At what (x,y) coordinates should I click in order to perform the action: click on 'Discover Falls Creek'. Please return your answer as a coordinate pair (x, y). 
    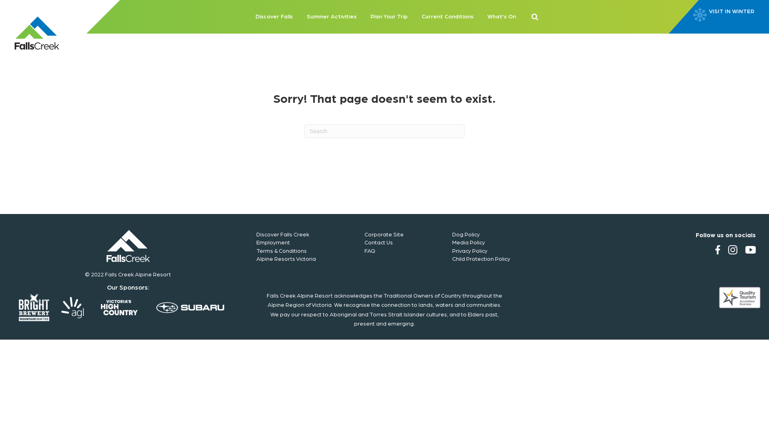
    Looking at the image, I should click on (282, 234).